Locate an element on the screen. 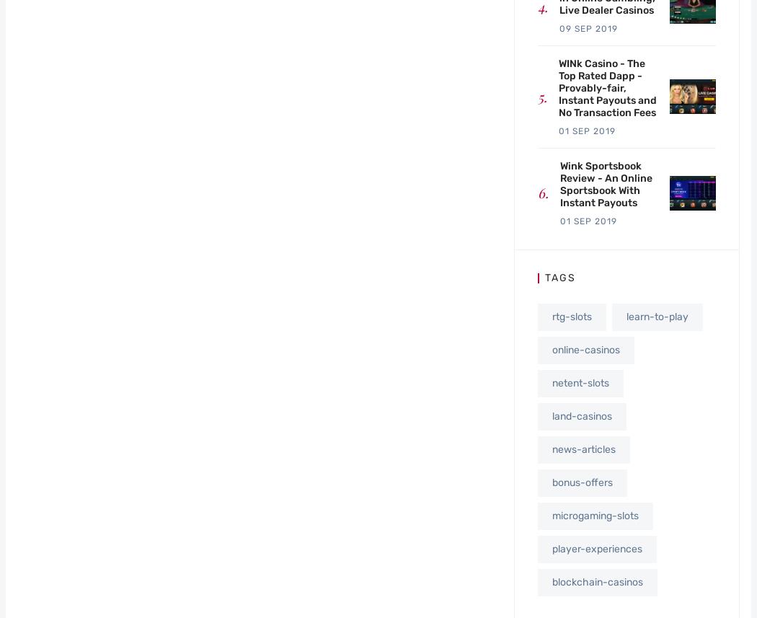 The image size is (757, 618). 'bonus-offers' is located at coordinates (581, 481).